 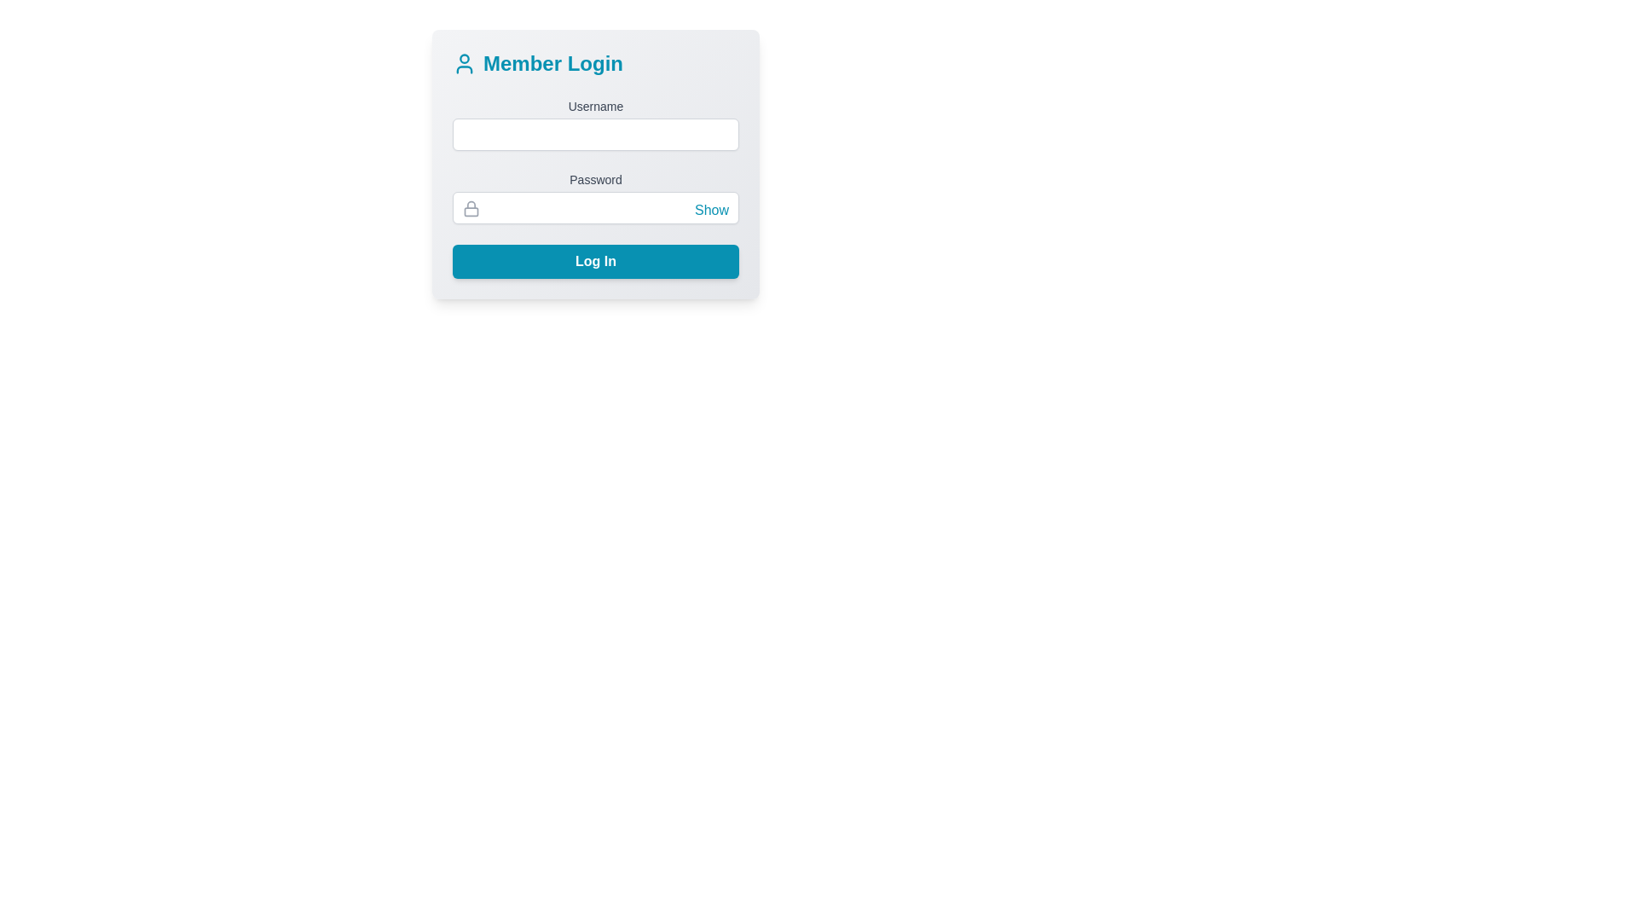 What do you see at coordinates (596, 262) in the screenshot?
I see `the submit button located at the bottom of the form layout` at bounding box center [596, 262].